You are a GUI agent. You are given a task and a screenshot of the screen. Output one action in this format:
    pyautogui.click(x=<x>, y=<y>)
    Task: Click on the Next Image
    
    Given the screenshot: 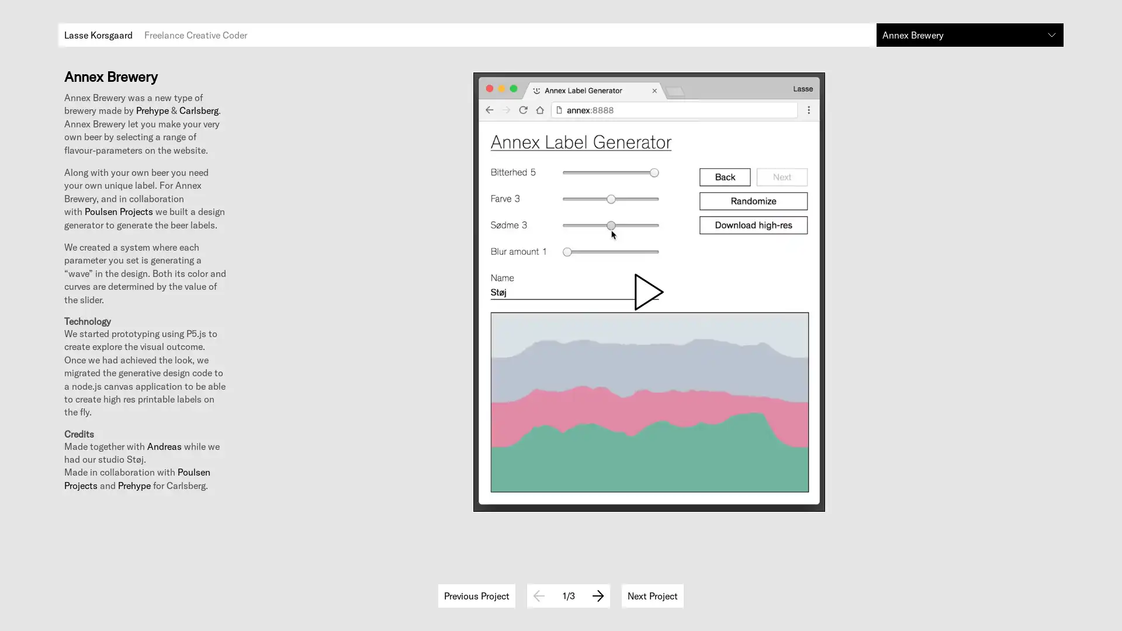 What is the action you would take?
    pyautogui.click(x=598, y=595)
    